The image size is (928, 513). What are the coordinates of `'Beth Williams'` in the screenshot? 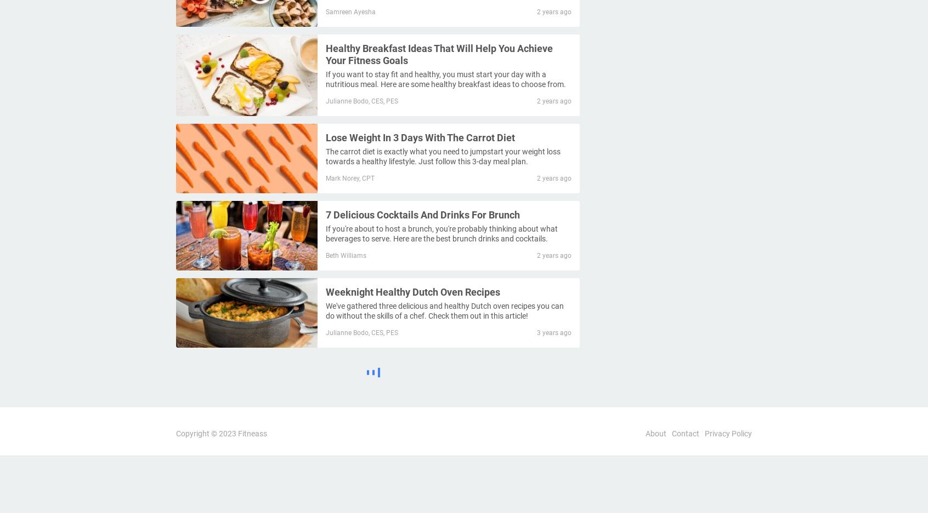 It's located at (344, 254).